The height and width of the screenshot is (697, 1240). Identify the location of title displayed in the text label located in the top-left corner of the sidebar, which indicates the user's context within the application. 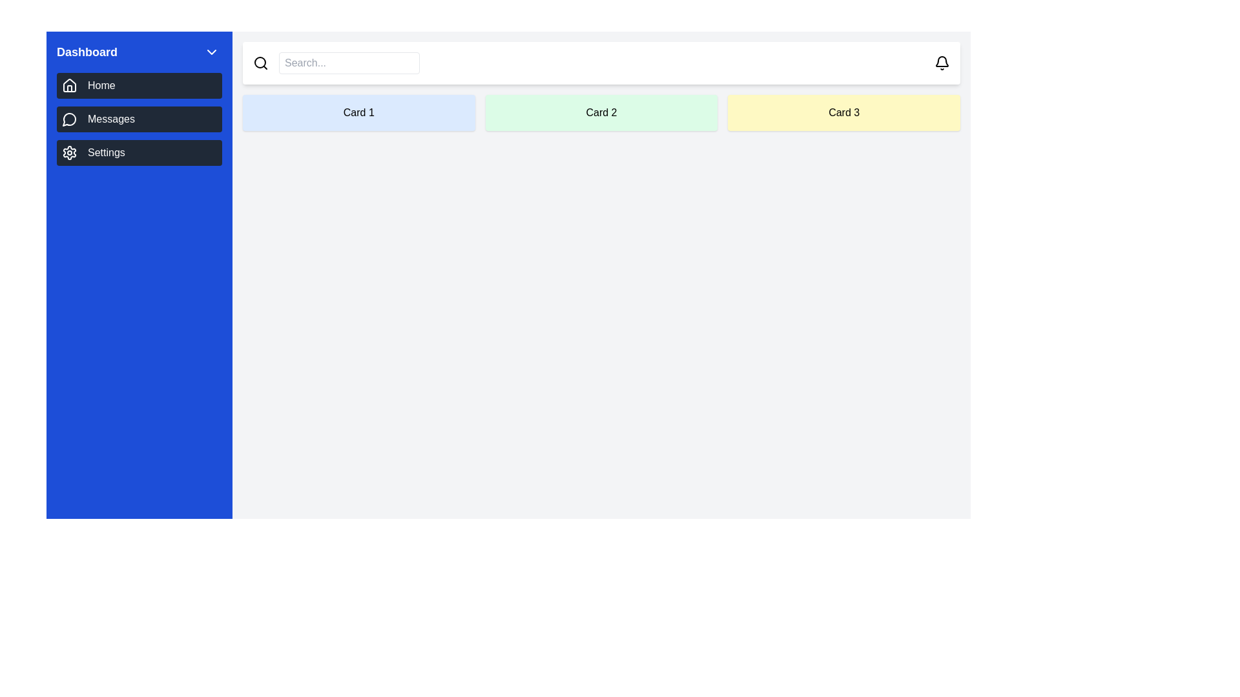
(86, 52).